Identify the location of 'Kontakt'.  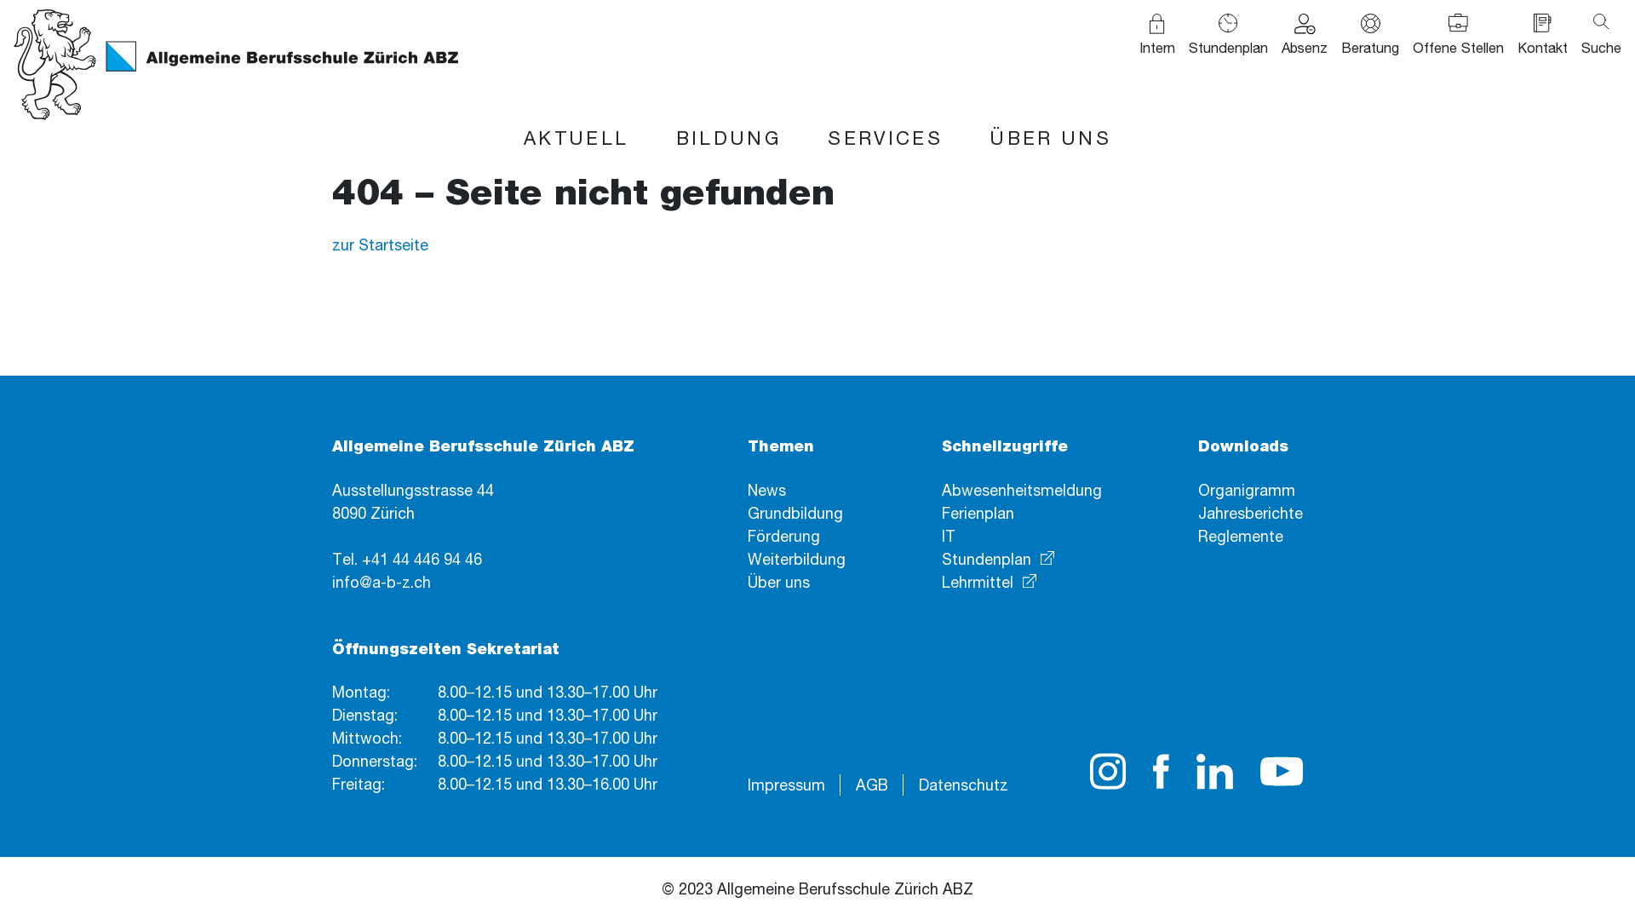
(1542, 36).